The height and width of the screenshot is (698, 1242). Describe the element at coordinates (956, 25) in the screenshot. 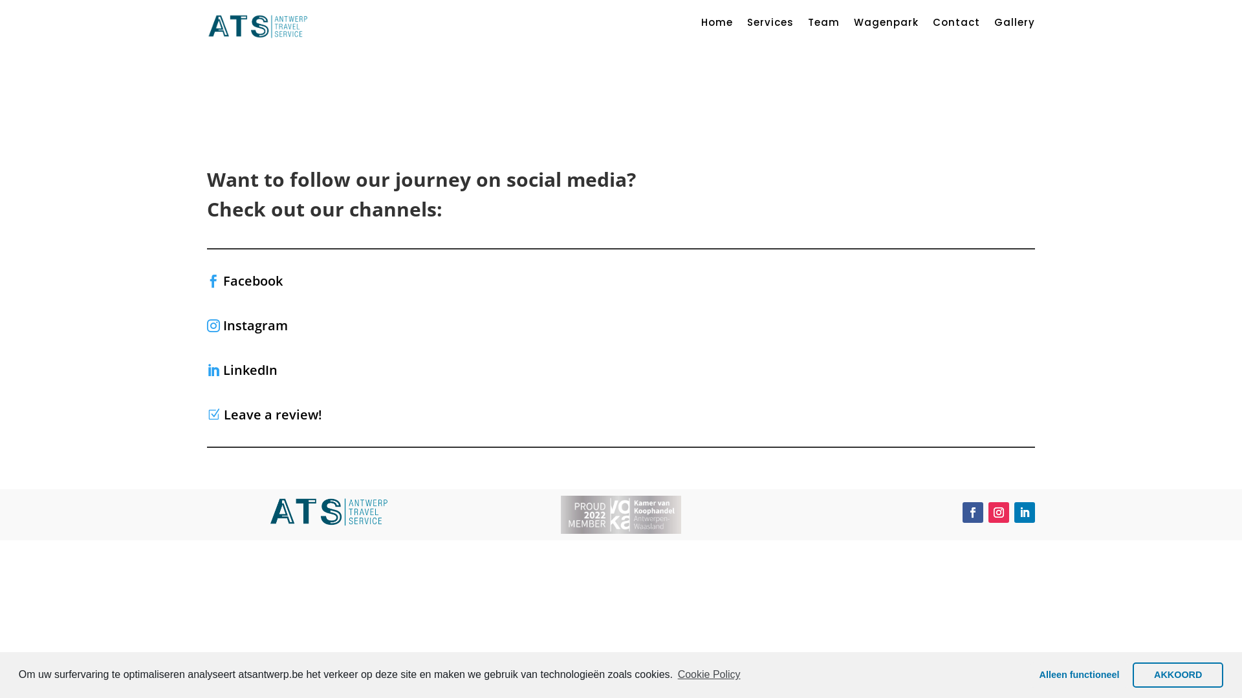

I see `'Contact'` at that location.